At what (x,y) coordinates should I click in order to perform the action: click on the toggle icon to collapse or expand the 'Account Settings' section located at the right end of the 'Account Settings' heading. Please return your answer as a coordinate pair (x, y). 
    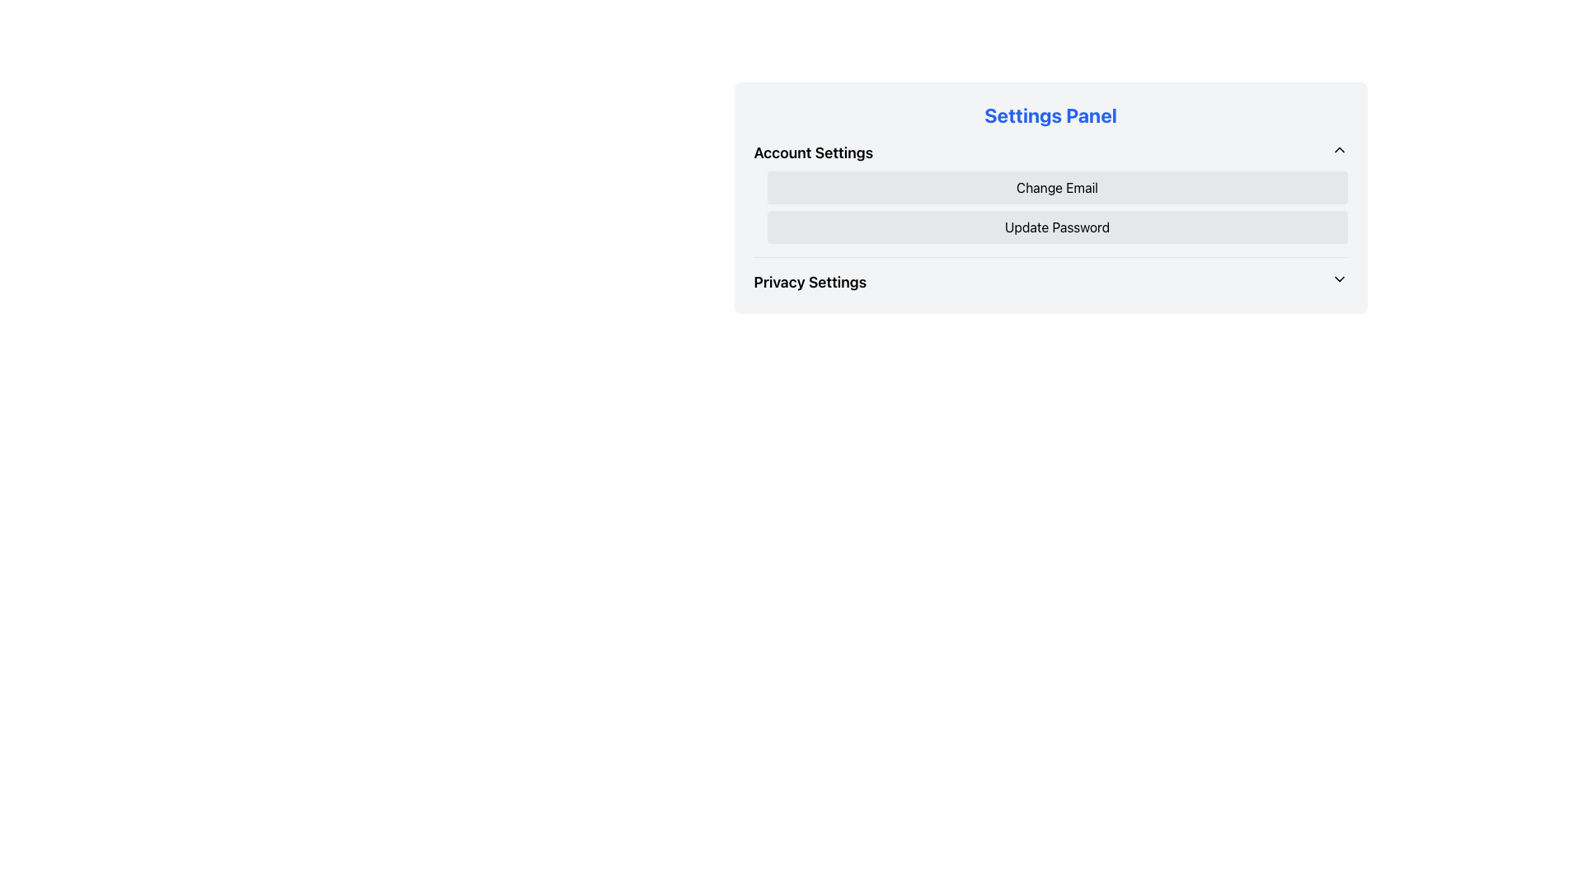
    Looking at the image, I should click on (1339, 149).